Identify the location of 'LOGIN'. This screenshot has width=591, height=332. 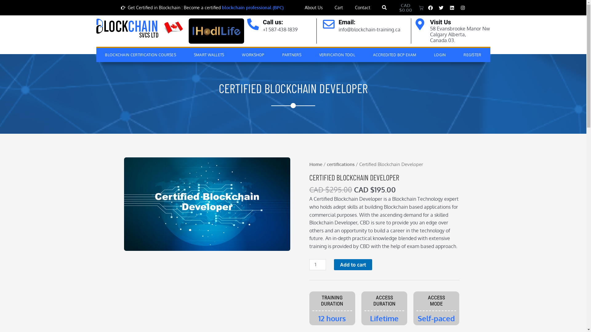
(440, 54).